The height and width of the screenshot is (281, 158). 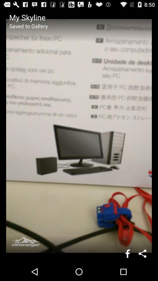 What do you see at coordinates (142, 253) in the screenshot?
I see `share` at bounding box center [142, 253].